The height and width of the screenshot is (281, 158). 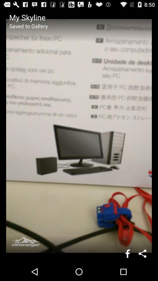 What do you see at coordinates (142, 253) in the screenshot?
I see `share` at bounding box center [142, 253].